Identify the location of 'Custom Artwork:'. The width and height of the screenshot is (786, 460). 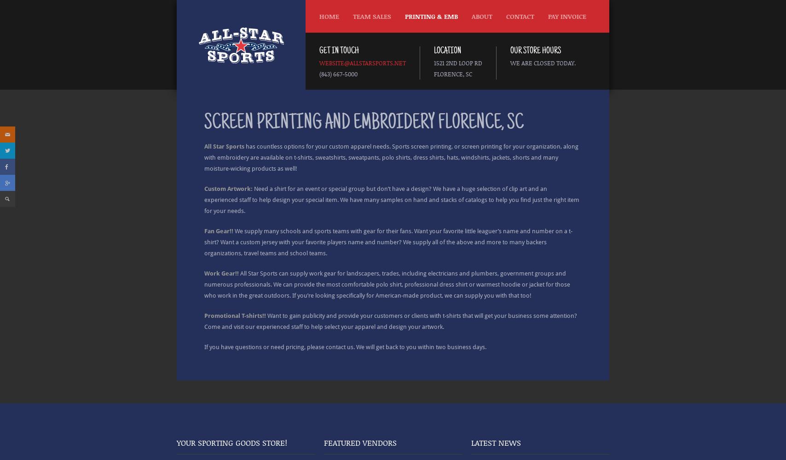
(228, 189).